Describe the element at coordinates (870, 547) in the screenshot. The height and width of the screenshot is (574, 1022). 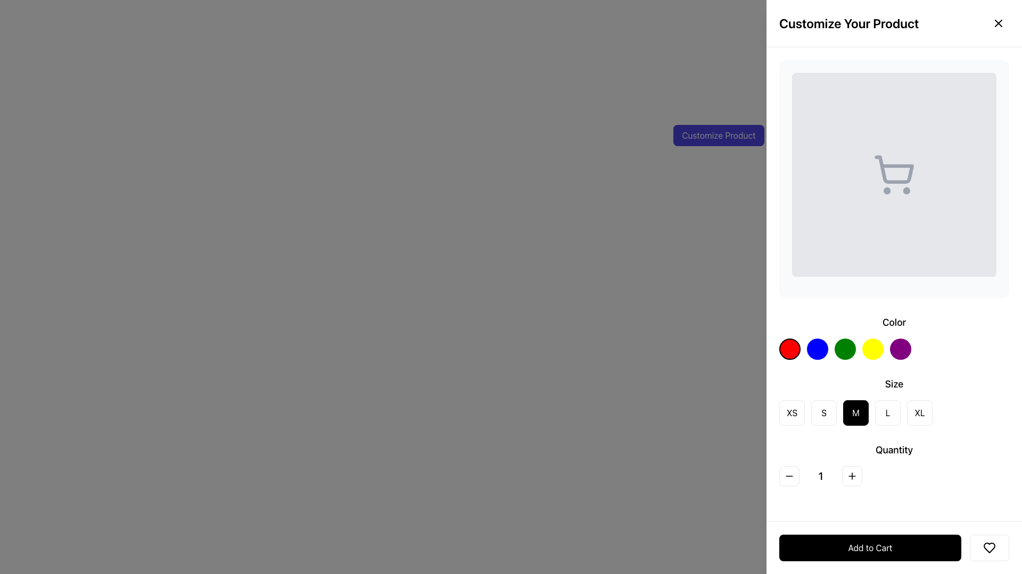
I see `keyboard navigation` at that location.